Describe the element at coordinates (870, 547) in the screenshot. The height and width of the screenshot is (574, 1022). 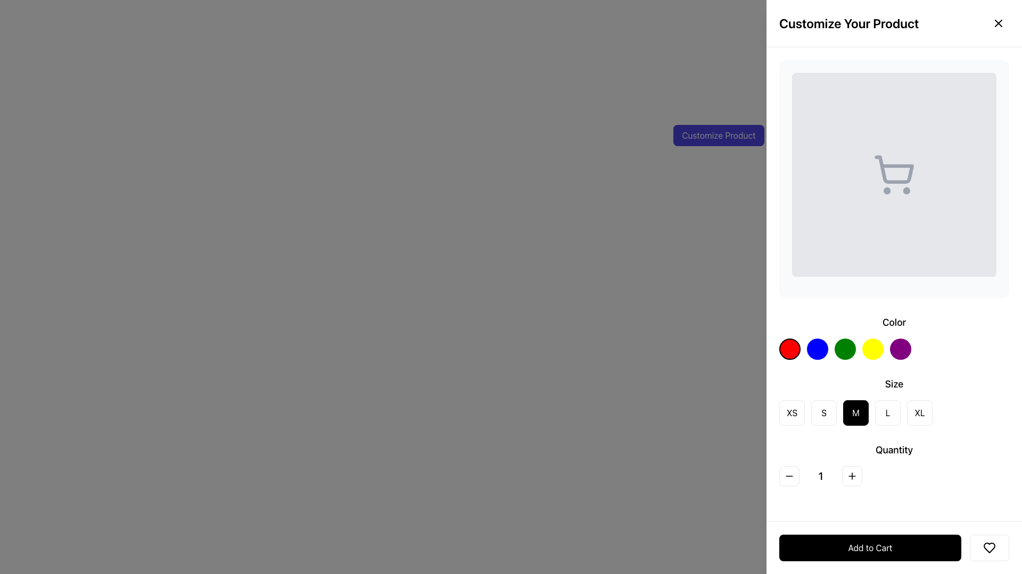
I see `keyboard navigation` at that location.